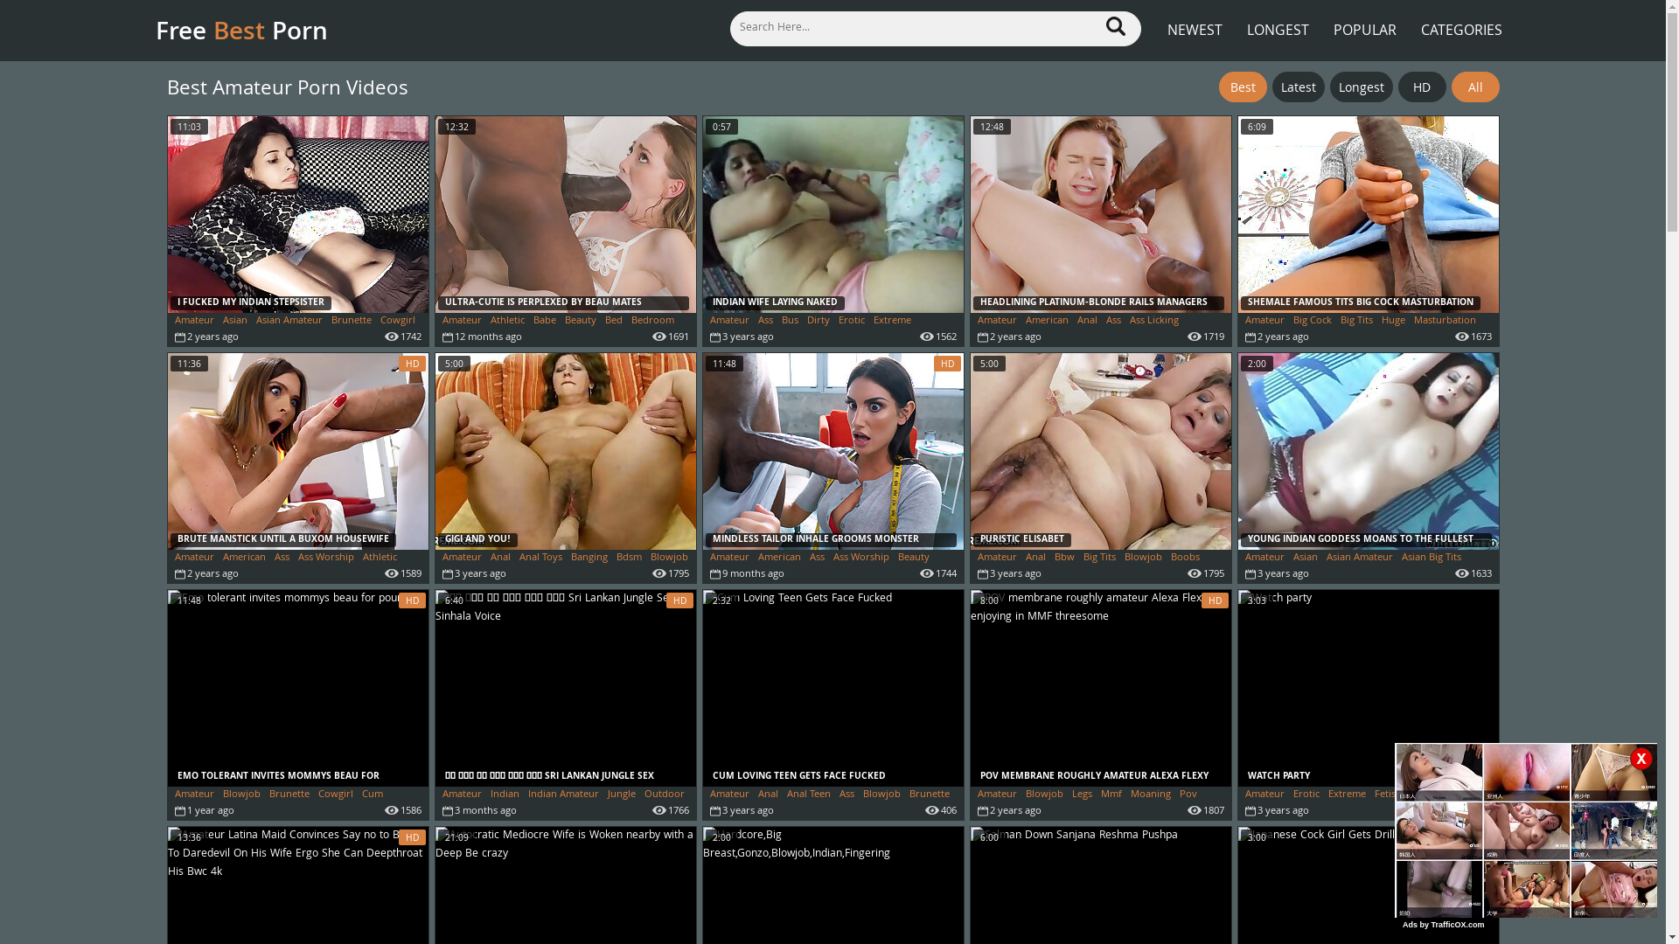  Describe the element at coordinates (934, 27) in the screenshot. I see `'Search X Videos'` at that location.